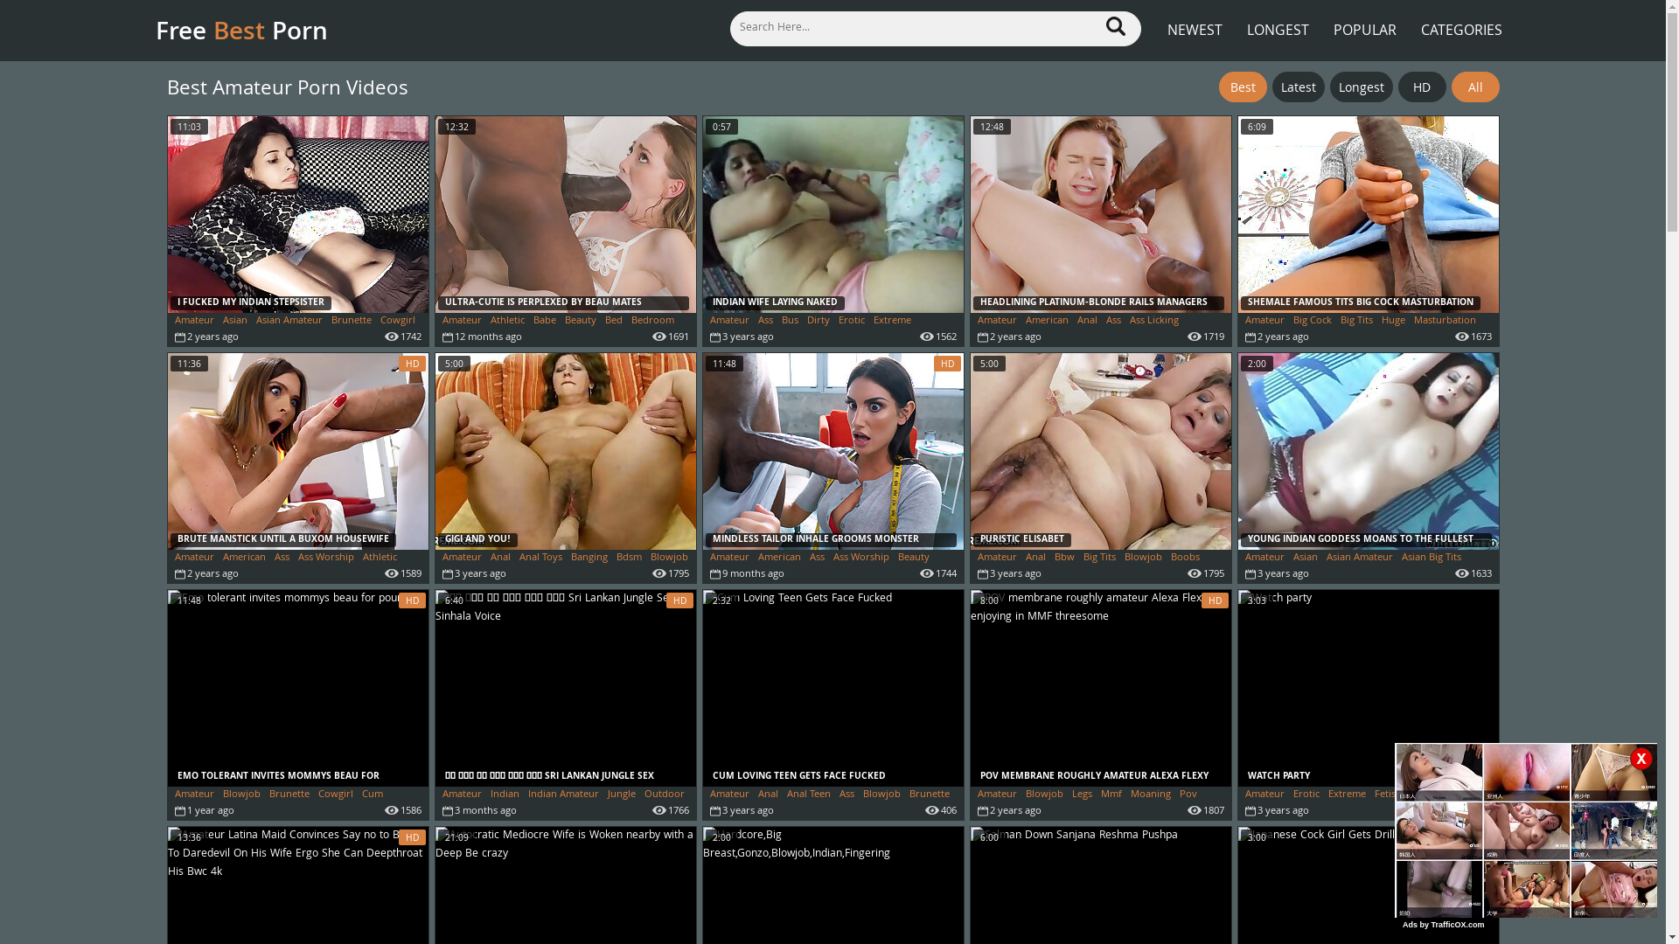  Describe the element at coordinates (934, 27) in the screenshot. I see `'Search X Videos'` at that location.